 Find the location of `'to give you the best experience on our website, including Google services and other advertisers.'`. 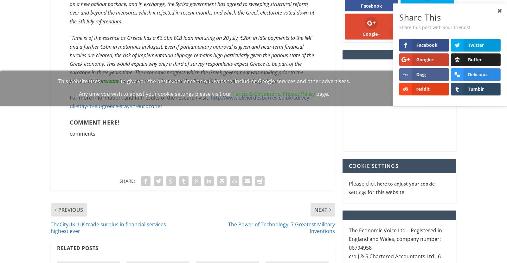

'to give you the best experience on our website, including Google services and other advertisers.' is located at coordinates (119, 81).